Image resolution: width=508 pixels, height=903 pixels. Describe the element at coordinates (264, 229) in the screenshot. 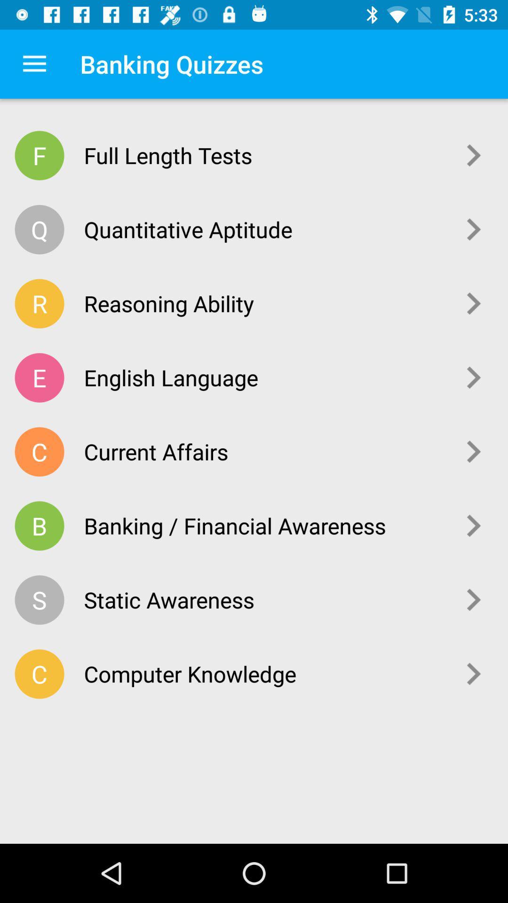

I see `icon next to the q item` at that location.